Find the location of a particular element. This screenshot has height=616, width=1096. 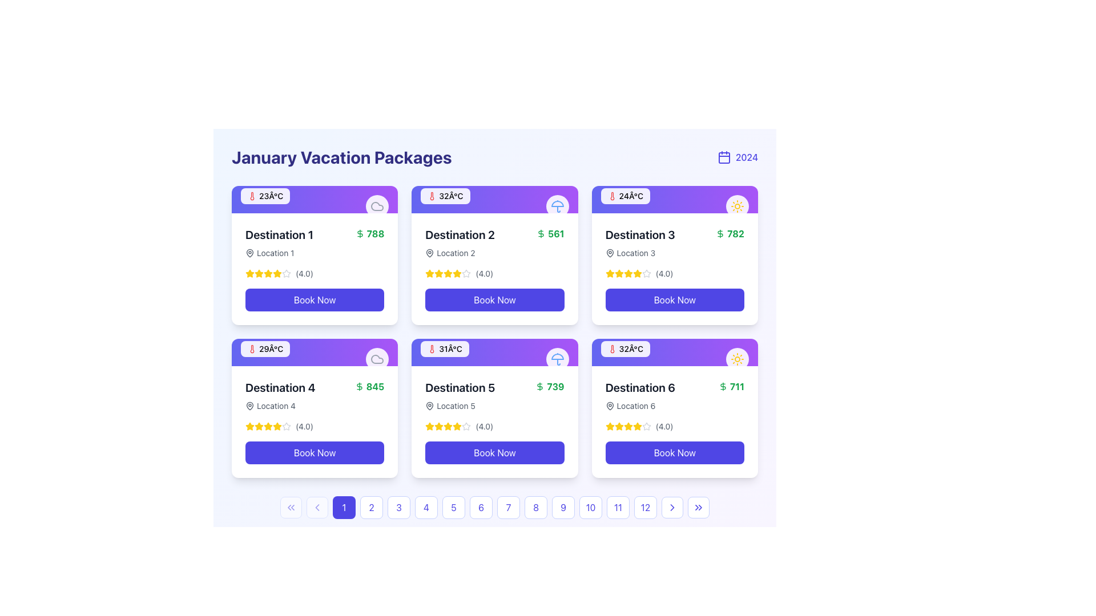

the filled yellow star icon representing a rating score of '4.0' for 'Destination 6', which is the third star in the row of stars is located at coordinates (627, 426).